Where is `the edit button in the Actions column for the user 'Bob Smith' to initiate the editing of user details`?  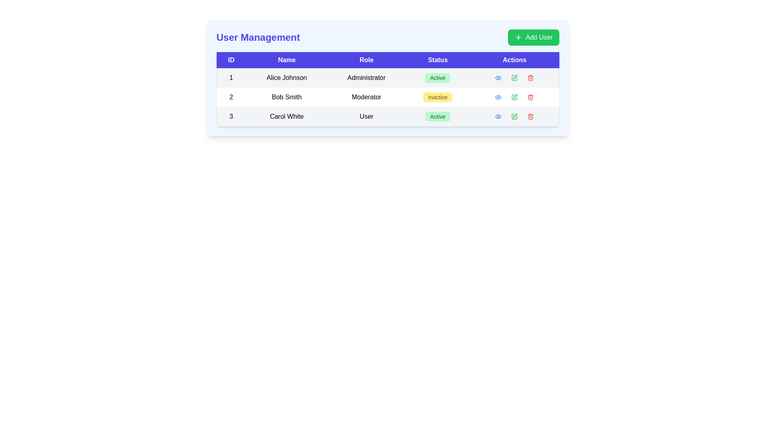
the edit button in the Actions column for the user 'Bob Smith' to initiate the editing of user details is located at coordinates (514, 78).